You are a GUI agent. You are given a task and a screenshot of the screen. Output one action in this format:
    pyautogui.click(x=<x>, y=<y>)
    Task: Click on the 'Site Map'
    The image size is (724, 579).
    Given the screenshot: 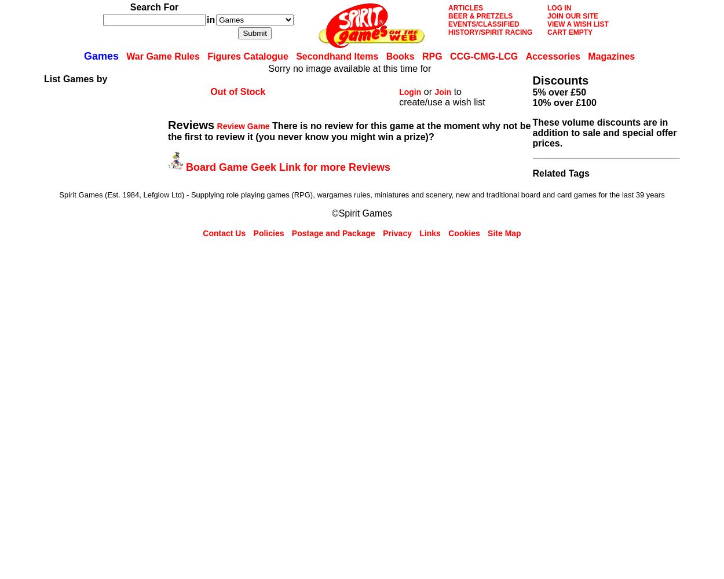 What is the action you would take?
    pyautogui.click(x=503, y=233)
    